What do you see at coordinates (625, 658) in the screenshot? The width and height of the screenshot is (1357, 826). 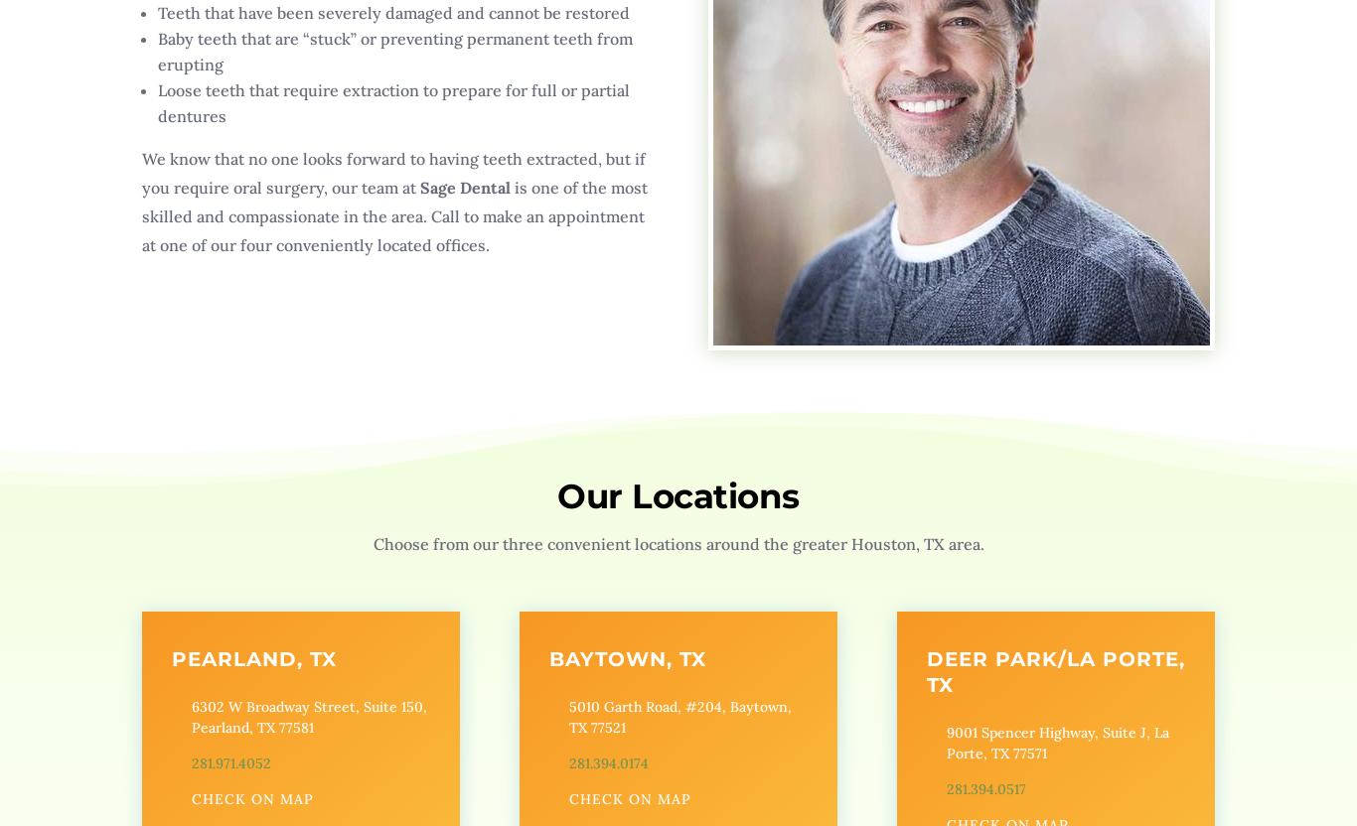 I see `'BAYTOWN, TX'` at bounding box center [625, 658].